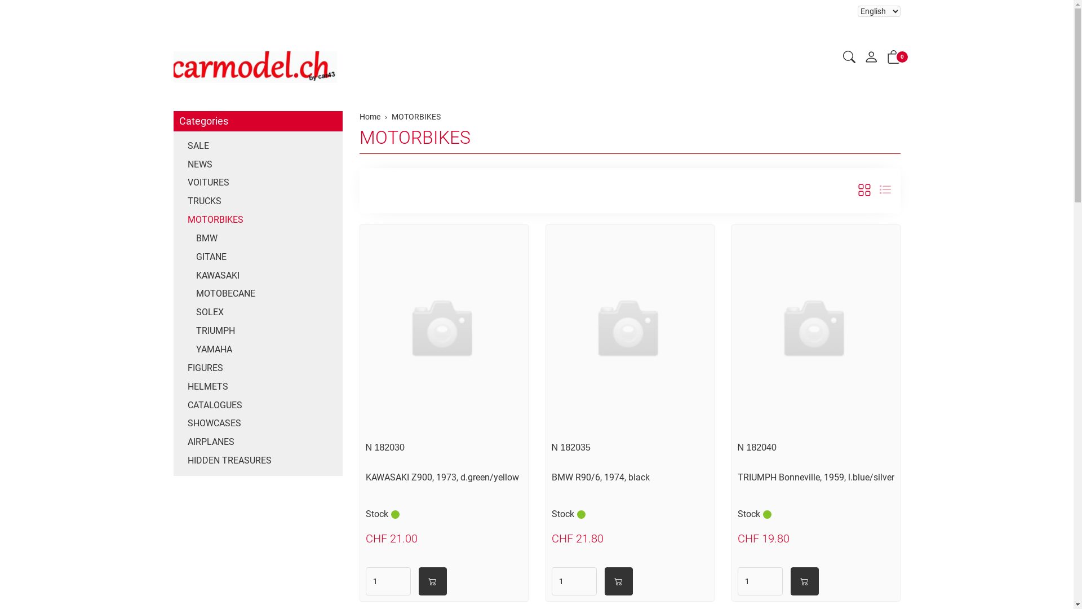 The image size is (1082, 609). What do you see at coordinates (257, 405) in the screenshot?
I see `'CATALOGUES'` at bounding box center [257, 405].